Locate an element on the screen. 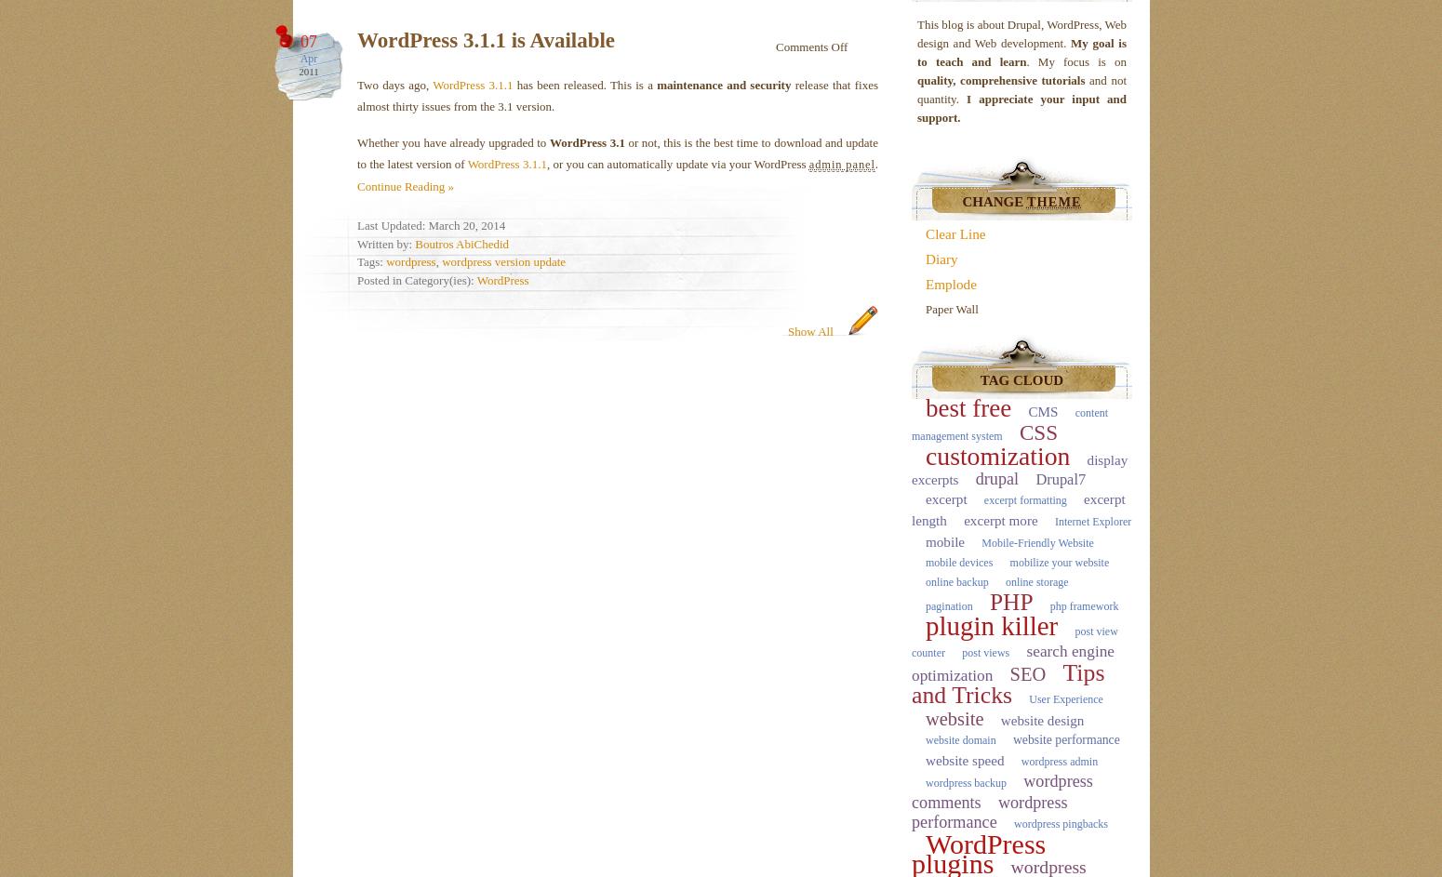 This screenshot has width=1442, height=877. 'online backup' is located at coordinates (956, 580).